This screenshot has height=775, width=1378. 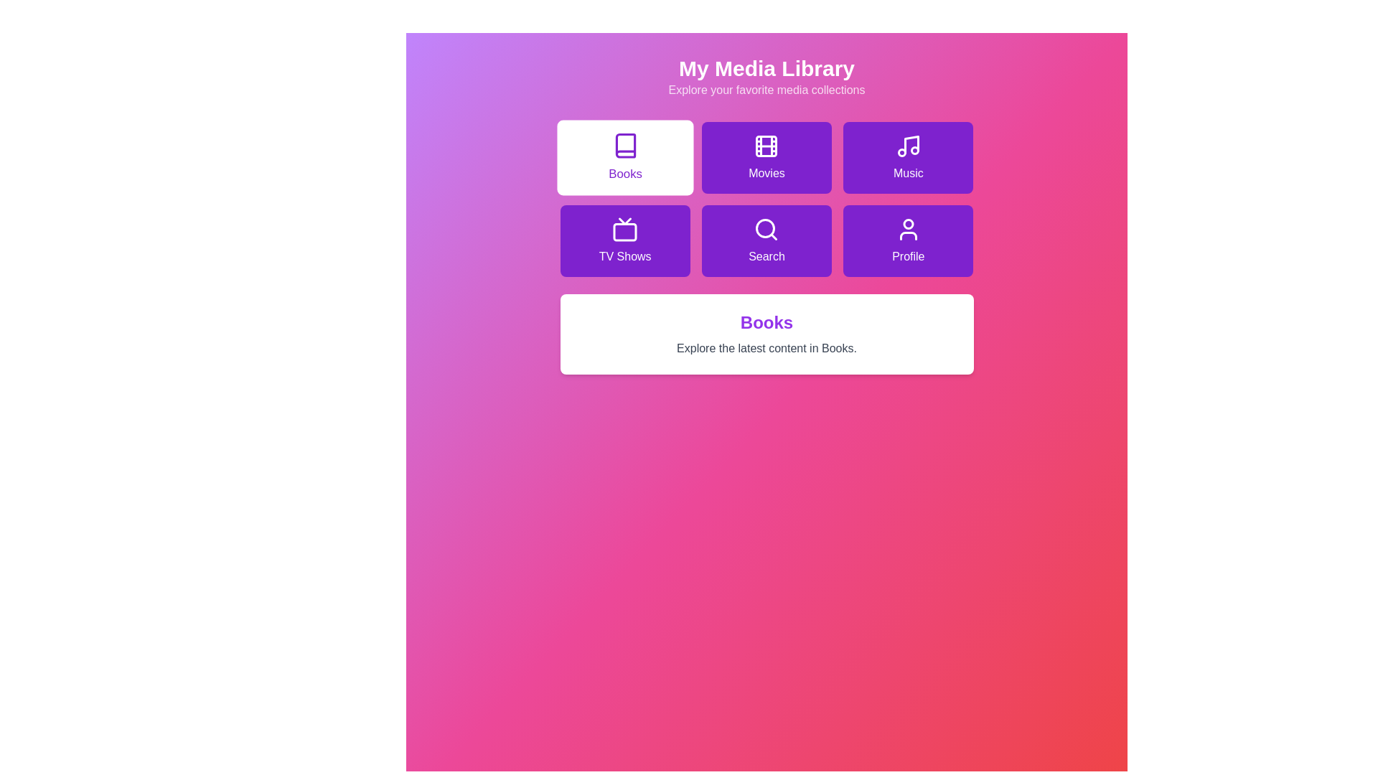 What do you see at coordinates (766, 157) in the screenshot?
I see `the 'Movies' button, which is a rectangular icon with a purple background and white text, located between 'Books' and 'Music' in a grid layout` at bounding box center [766, 157].